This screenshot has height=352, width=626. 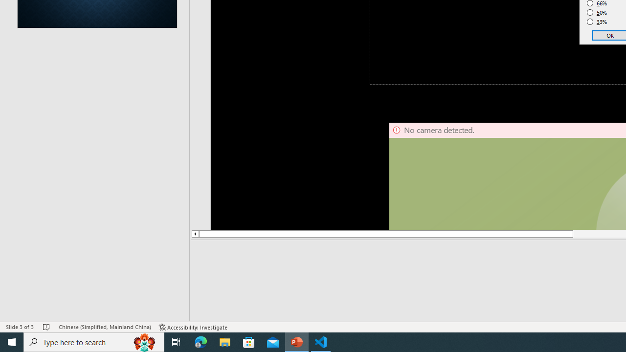 What do you see at coordinates (597, 22) in the screenshot?
I see `'33%'` at bounding box center [597, 22].